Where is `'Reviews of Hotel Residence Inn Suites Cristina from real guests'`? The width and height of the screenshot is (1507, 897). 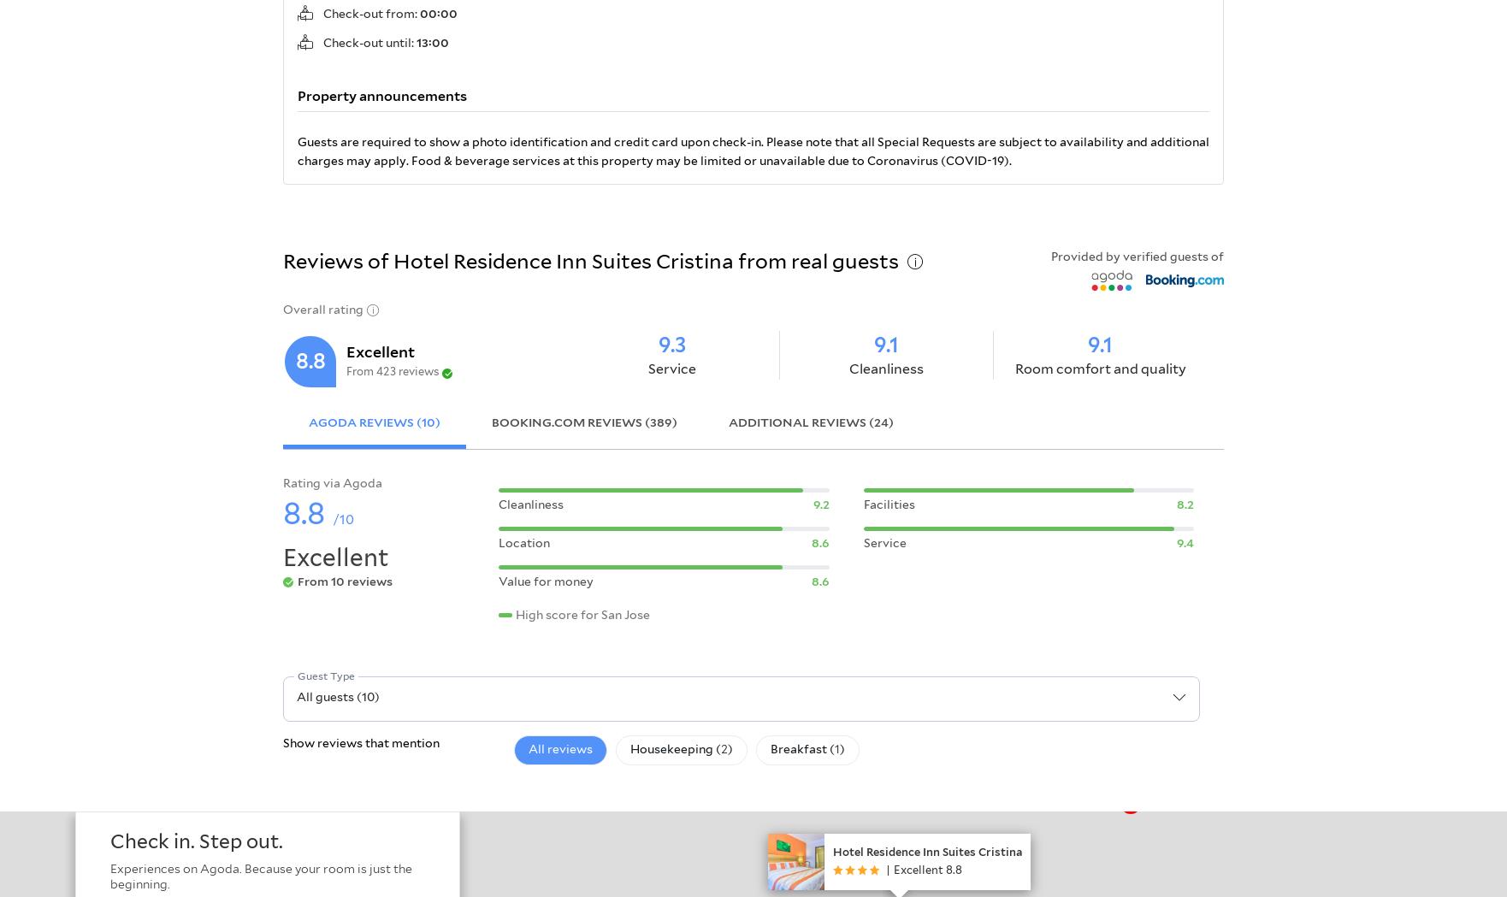
'Reviews of Hotel Residence Inn Suites Cristina from real guests' is located at coordinates (590, 260).